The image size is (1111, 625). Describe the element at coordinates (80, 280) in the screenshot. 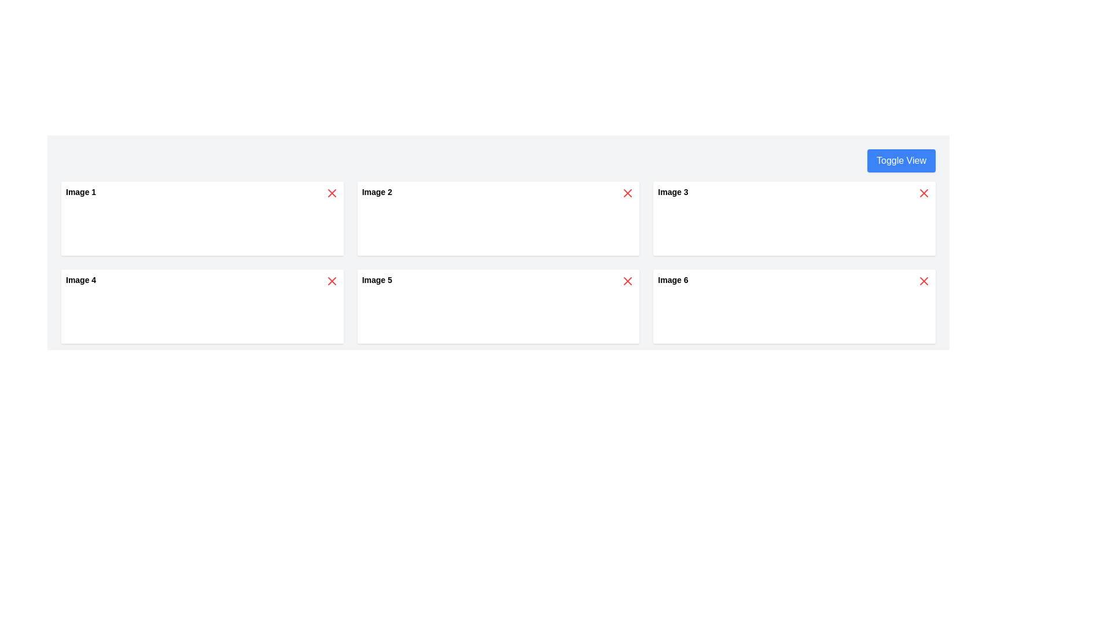

I see `the static text label that identifies 'Image 4', located at the top-left corner of the fourth card in the grid layout` at that location.